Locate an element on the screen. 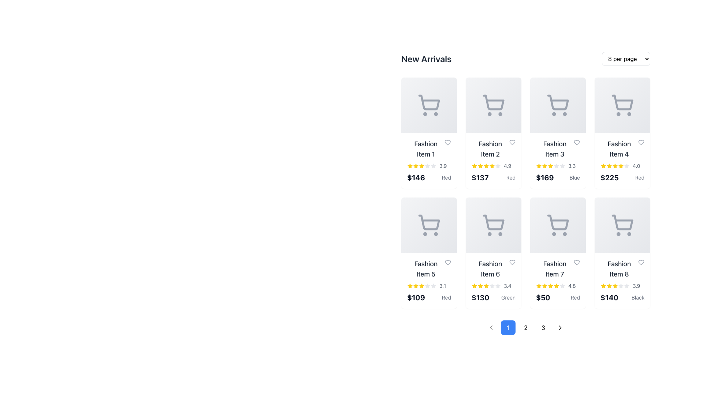 The height and width of the screenshot is (395, 703). the static text label for 'Fashion Item 7' located at the top of the product card in the second row and third column of the grid layout is located at coordinates (557, 269).